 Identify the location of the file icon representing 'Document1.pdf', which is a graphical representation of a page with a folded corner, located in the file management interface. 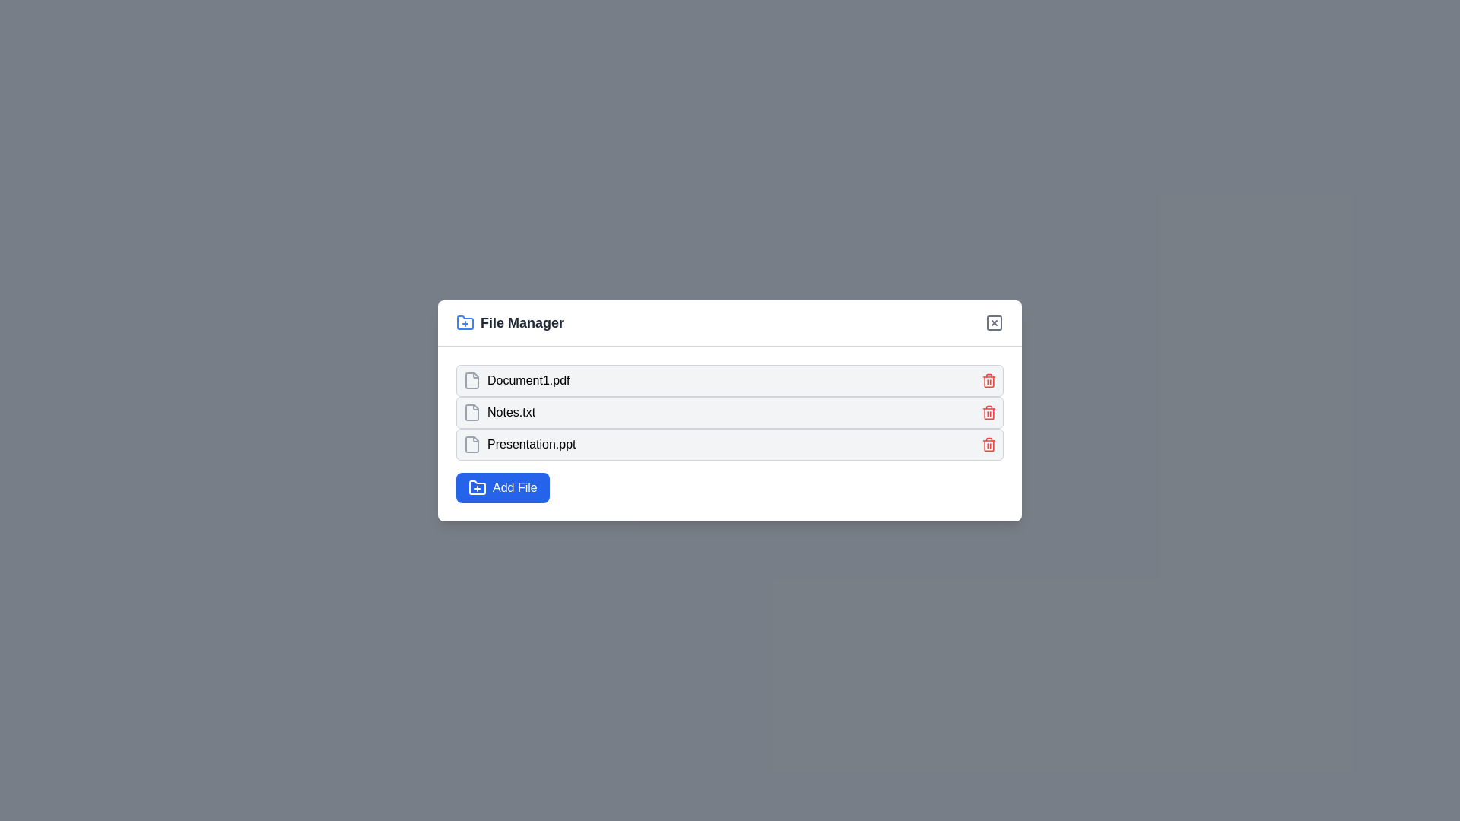
(471, 379).